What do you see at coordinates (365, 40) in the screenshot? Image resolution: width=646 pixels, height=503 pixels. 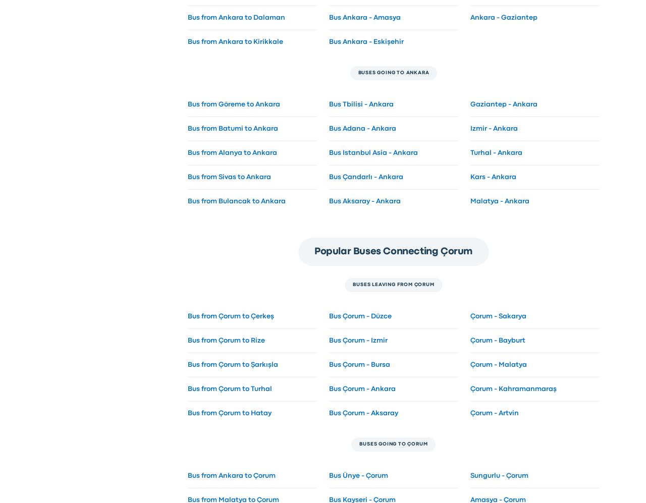 I see `'Bus Ankara - Eskişehir'` at bounding box center [365, 40].